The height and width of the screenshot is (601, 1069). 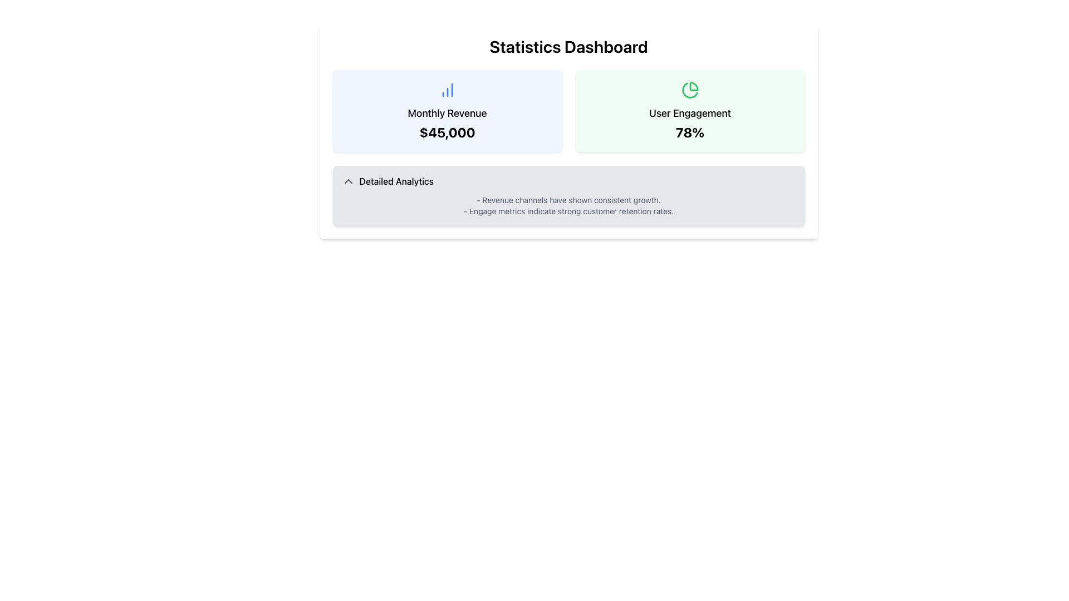 I want to click on the chart icon in the 'Monthly Revenue' card section, which features three blue vertical columns representing data, located in the upper-left quadrant above the text elements 'Monthly Revenue' and '$45,000', so click(x=447, y=90).